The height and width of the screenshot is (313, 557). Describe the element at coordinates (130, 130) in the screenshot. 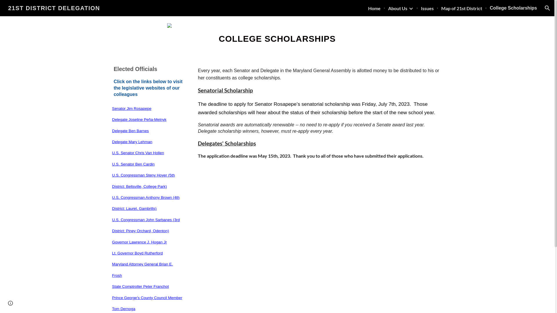

I see `'Delegate Ben Barnes'` at that location.